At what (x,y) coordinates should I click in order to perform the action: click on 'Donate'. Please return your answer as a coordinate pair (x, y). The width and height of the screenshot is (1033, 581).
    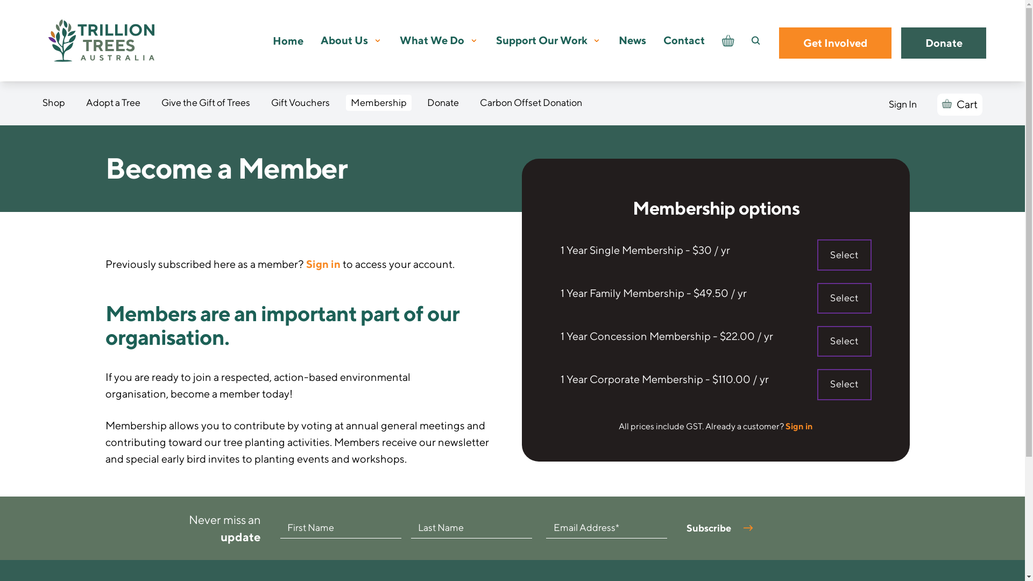
    Looking at the image, I should click on (943, 42).